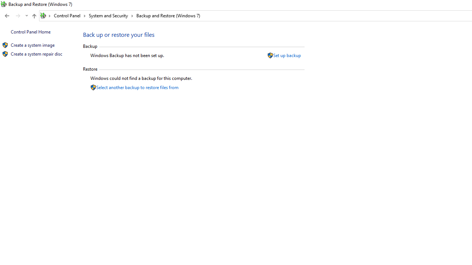 The image size is (472, 265). What do you see at coordinates (7, 16) in the screenshot?
I see `'Back to System and Security (Alt + Left Arrow)'` at bounding box center [7, 16].